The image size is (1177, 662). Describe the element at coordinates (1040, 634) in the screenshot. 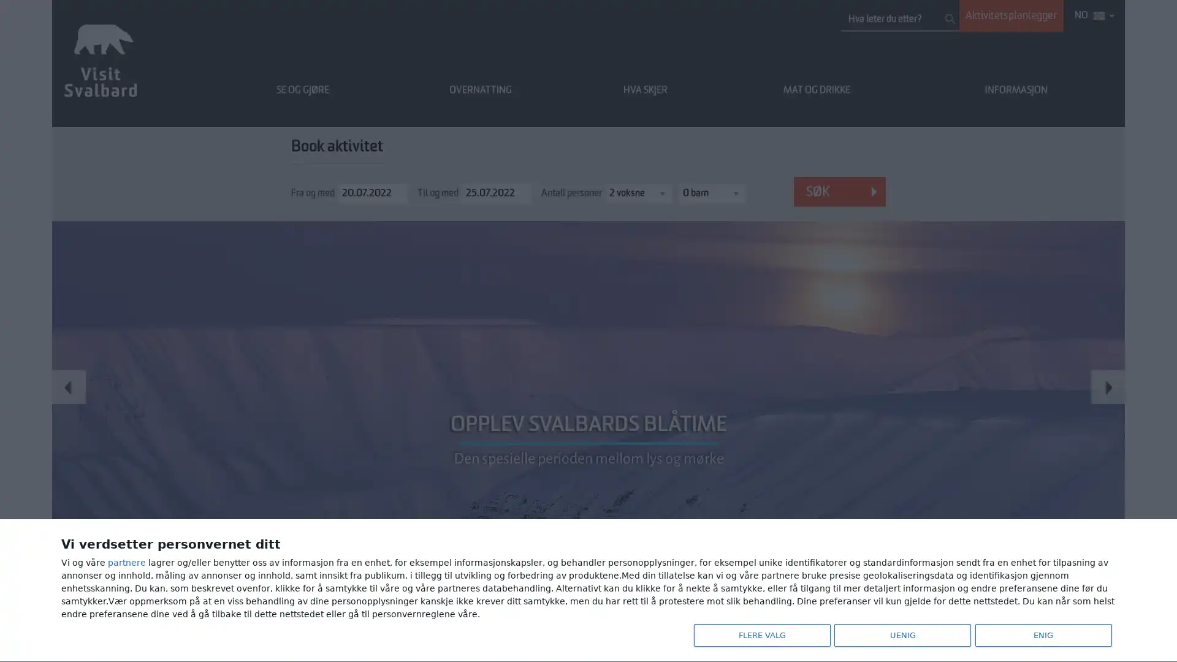

I see `ENIG` at that location.